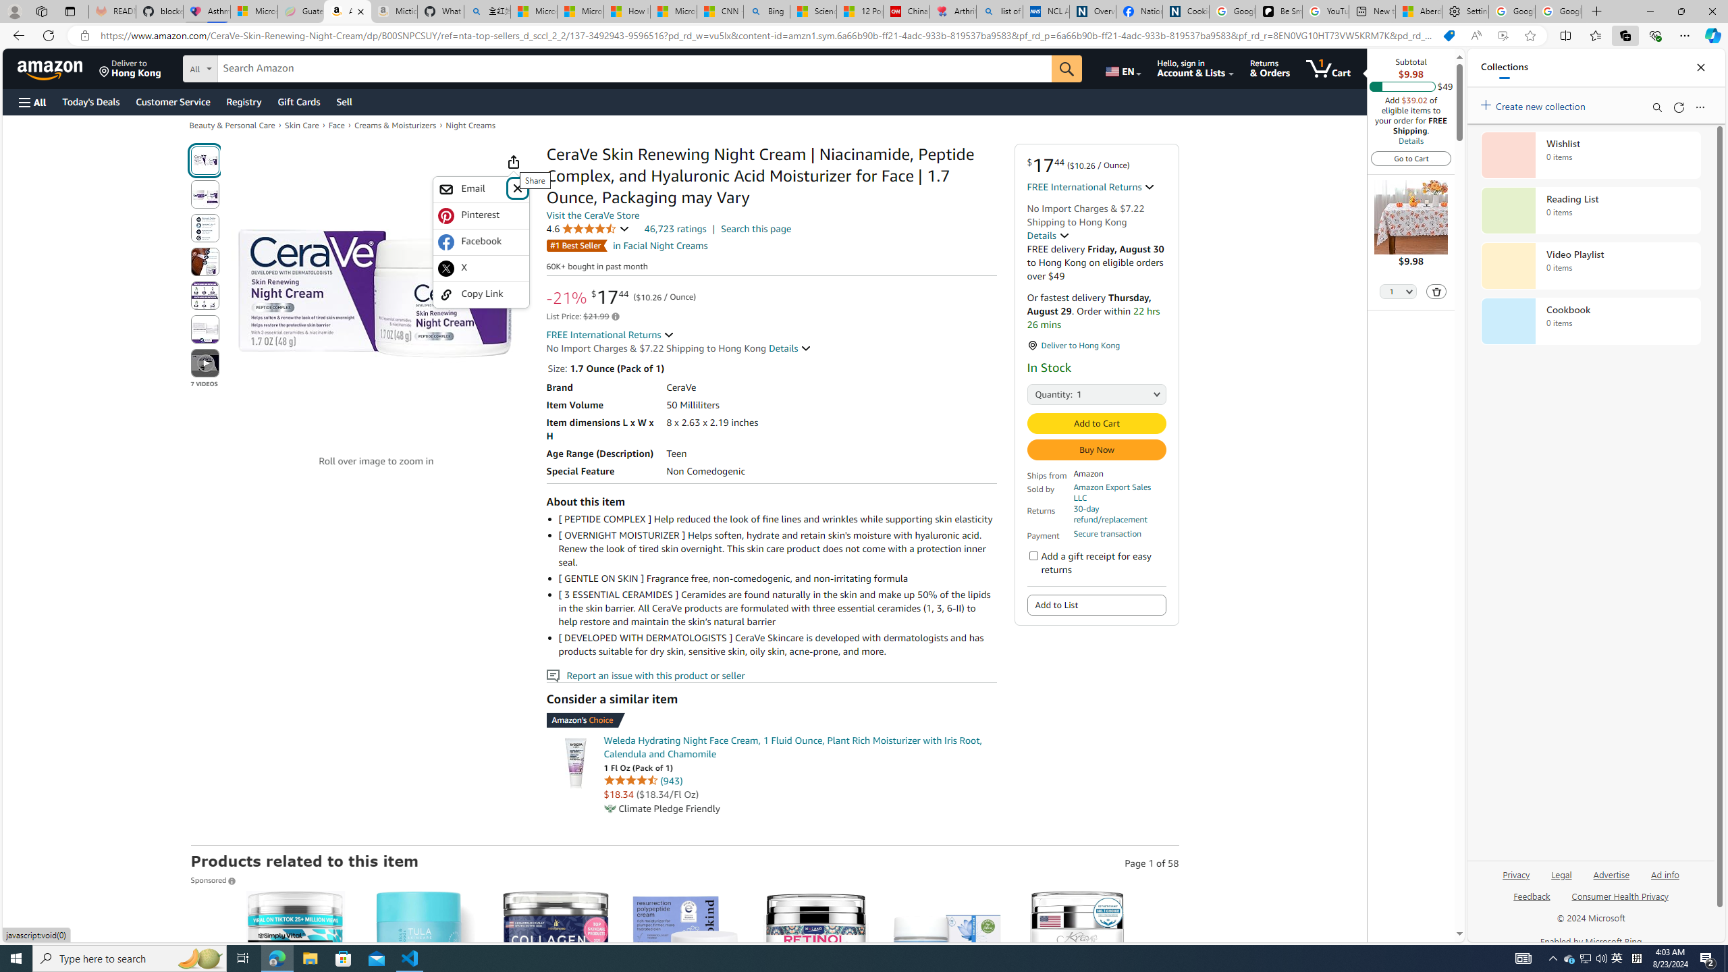 This screenshot has width=1728, height=972. I want to click on 'Create new collection', so click(1535, 103).